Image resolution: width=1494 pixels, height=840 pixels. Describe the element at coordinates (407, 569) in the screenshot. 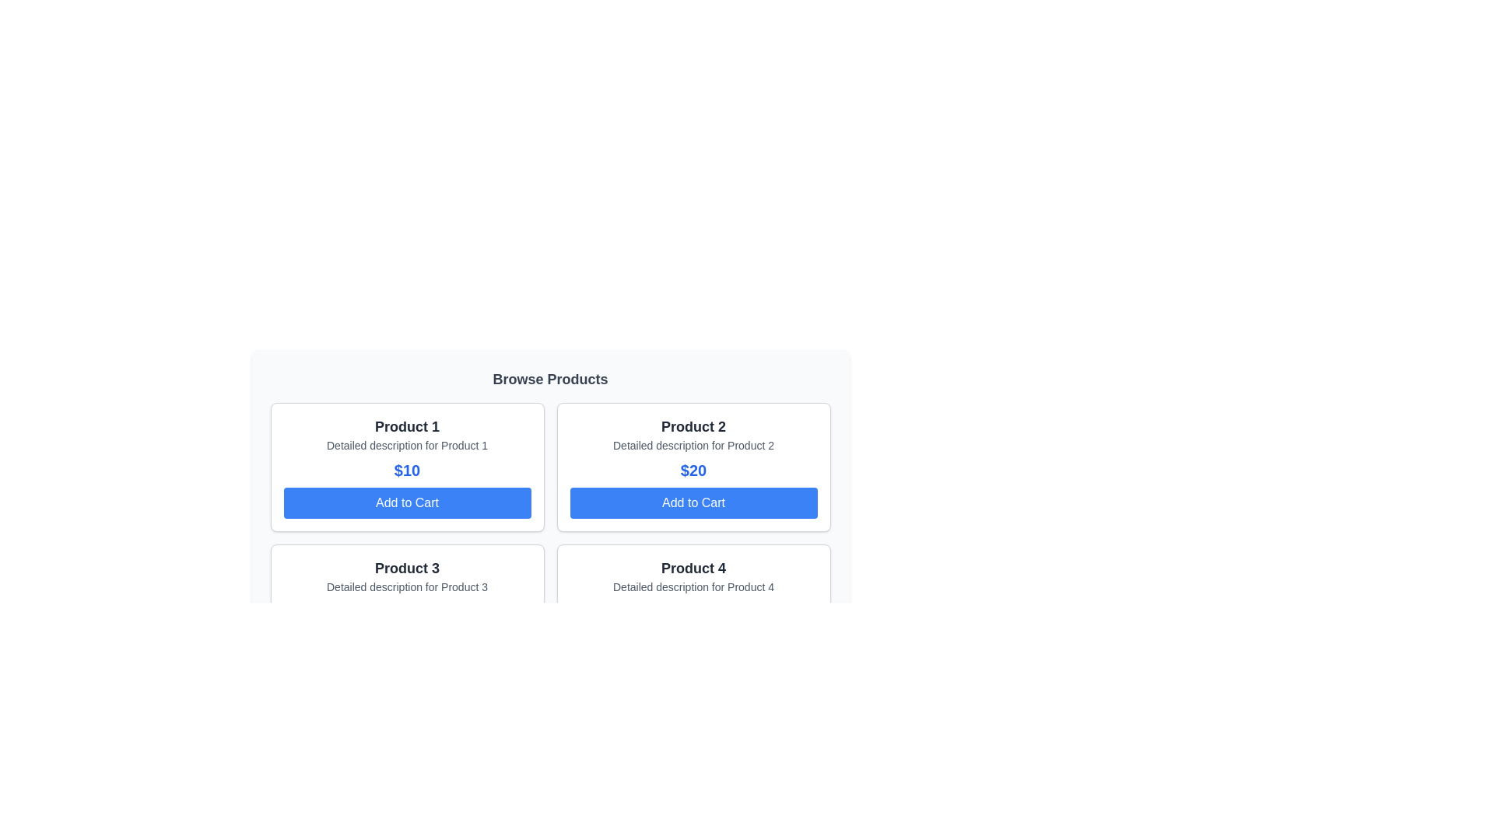

I see `text label that displays the title or identifier of the product, located at the top of the card in the lower left quadrant of the grid layout, above the detailed description for Product 3` at that location.